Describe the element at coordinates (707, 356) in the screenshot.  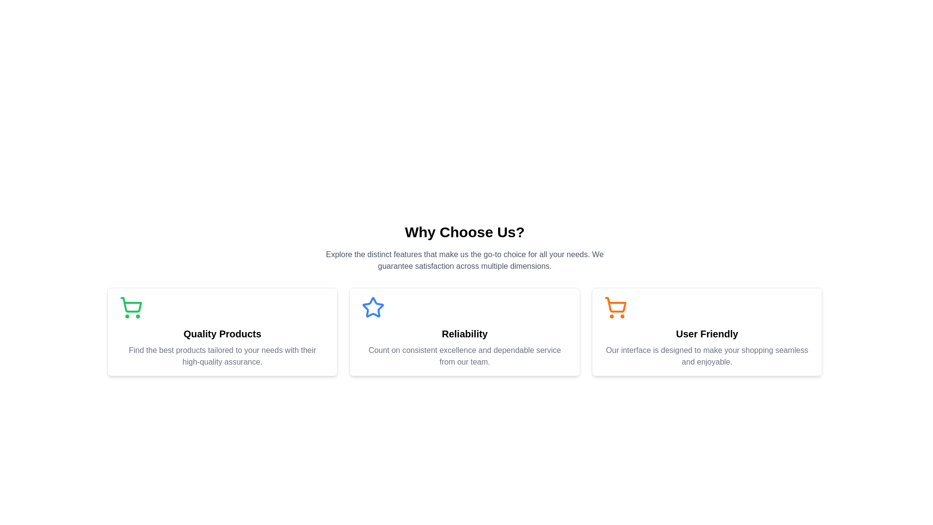
I see `the detailed description text element located at the bottom of the rightmost box in the horizontally aligned triplet of cards, which provides additional information about the 'User Friendly' feature` at that location.